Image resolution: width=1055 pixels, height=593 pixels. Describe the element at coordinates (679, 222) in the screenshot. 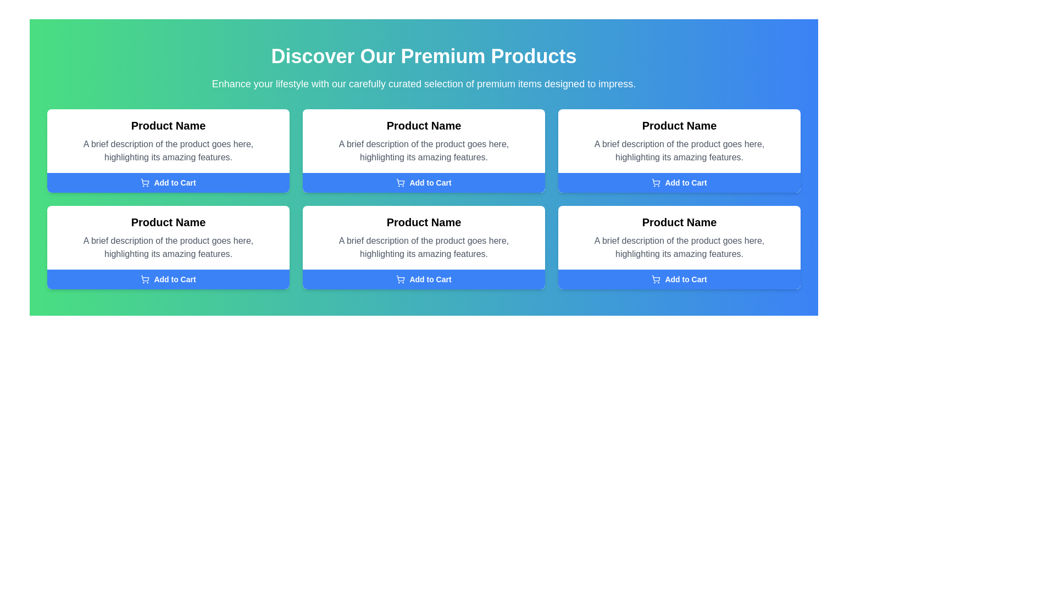

I see `the title text of the product card located in the bottom-right of the grid layout` at that location.